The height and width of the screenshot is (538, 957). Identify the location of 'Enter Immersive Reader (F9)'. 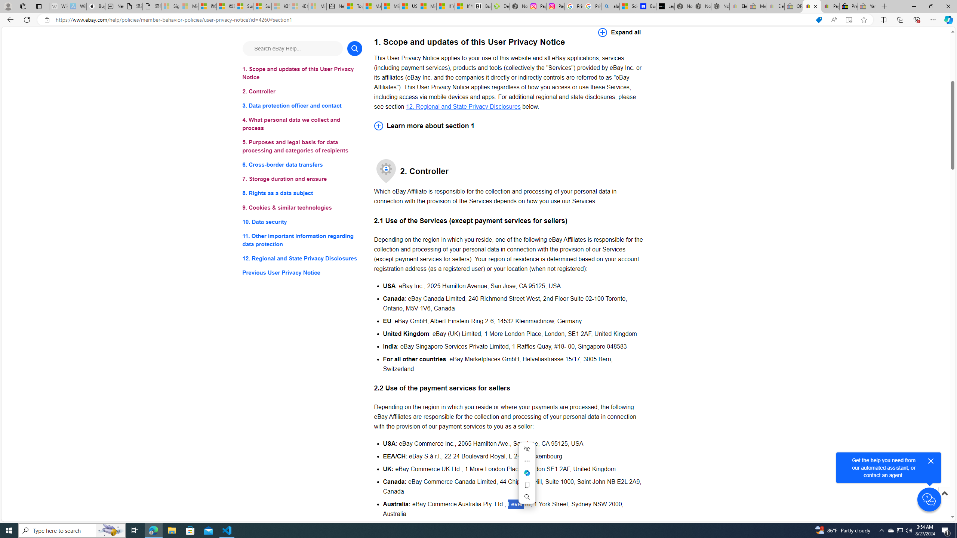
(849, 20).